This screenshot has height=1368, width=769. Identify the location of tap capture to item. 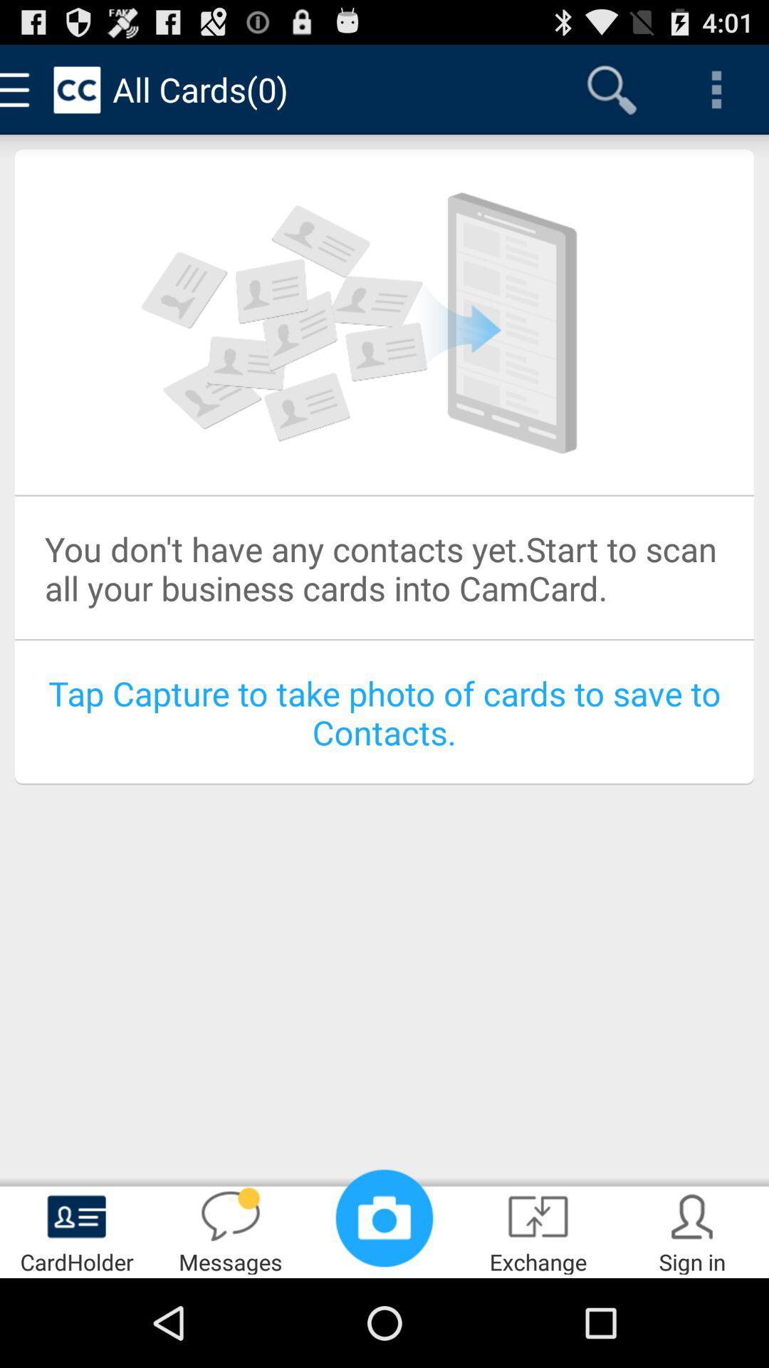
(384, 712).